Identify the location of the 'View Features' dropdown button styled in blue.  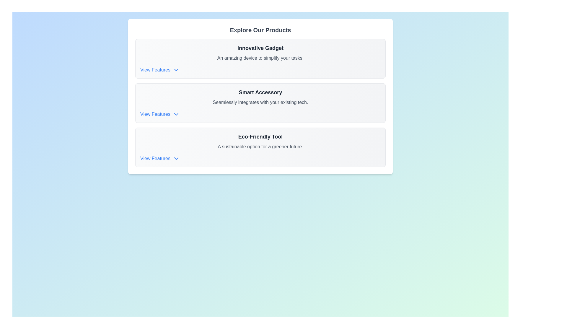
(160, 114).